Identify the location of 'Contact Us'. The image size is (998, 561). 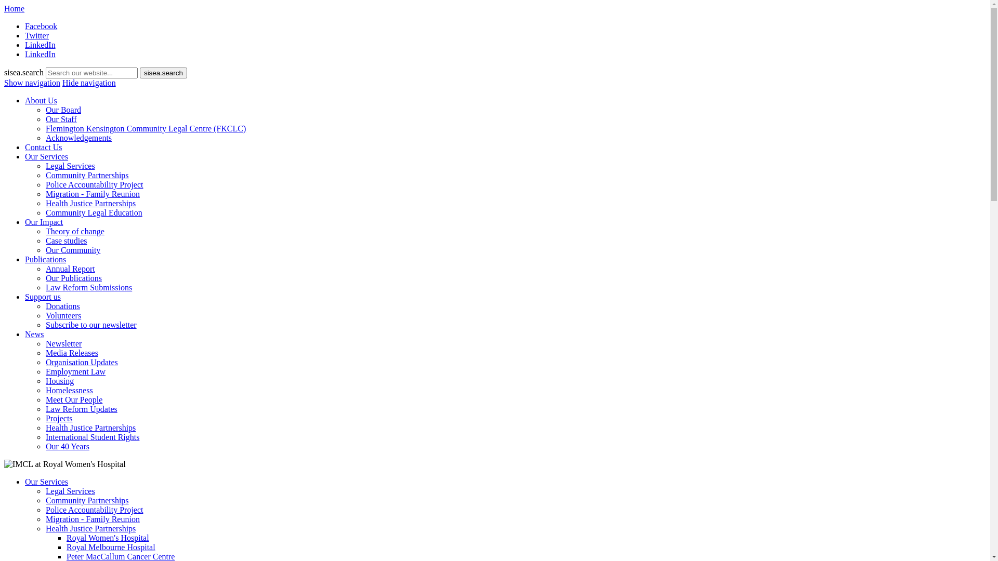
(43, 147).